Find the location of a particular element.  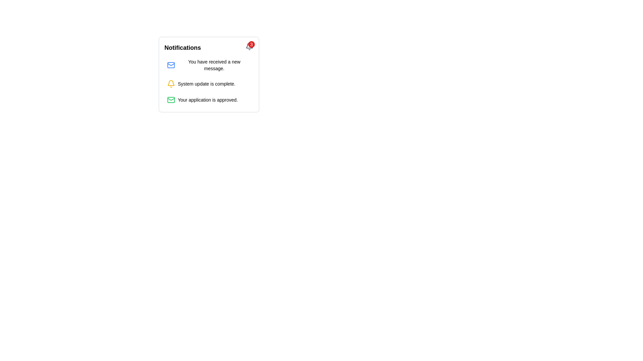

the notification message indicating the approval of an application, which is the third item in the list within the notification box is located at coordinates (207, 100).